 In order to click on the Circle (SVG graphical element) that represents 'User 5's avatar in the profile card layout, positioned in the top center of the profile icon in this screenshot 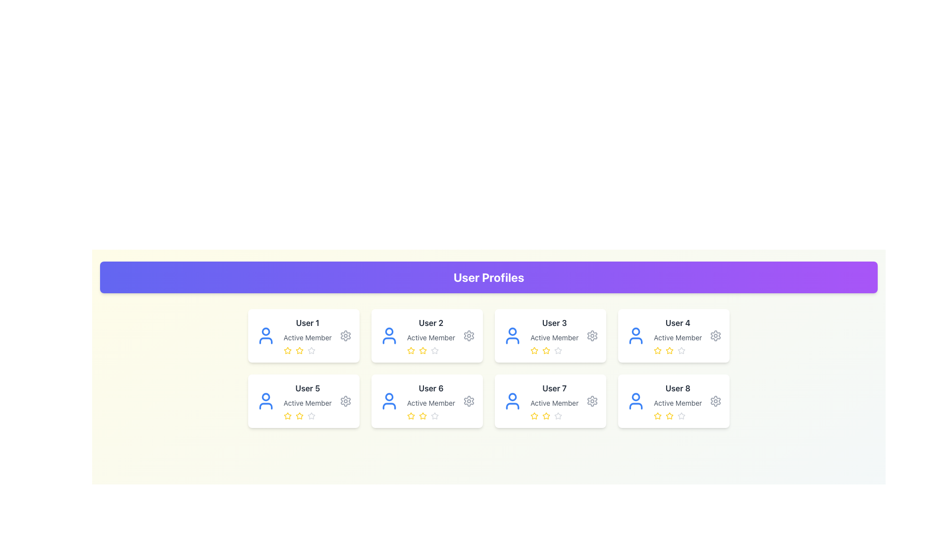, I will do `click(265, 396)`.